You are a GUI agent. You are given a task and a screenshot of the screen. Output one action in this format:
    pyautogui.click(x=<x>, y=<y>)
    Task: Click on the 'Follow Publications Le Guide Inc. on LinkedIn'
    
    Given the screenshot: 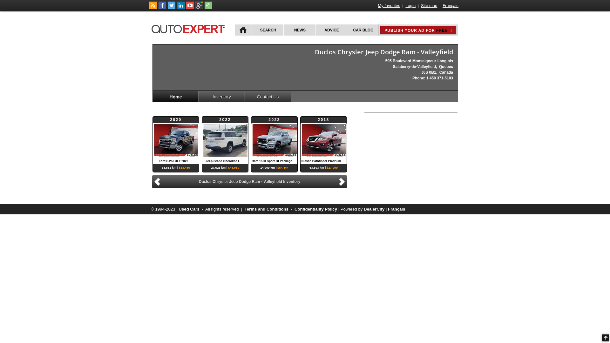 What is the action you would take?
    pyautogui.click(x=180, y=8)
    